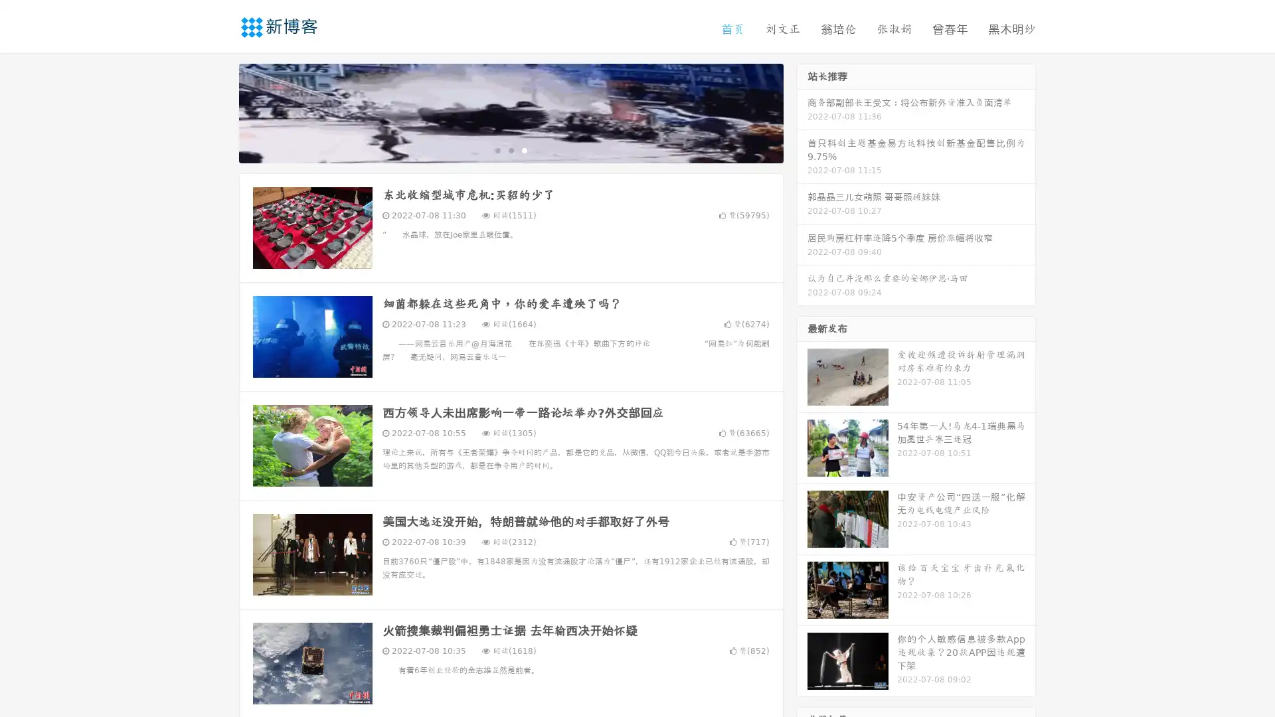  I want to click on Next slide, so click(802, 112).